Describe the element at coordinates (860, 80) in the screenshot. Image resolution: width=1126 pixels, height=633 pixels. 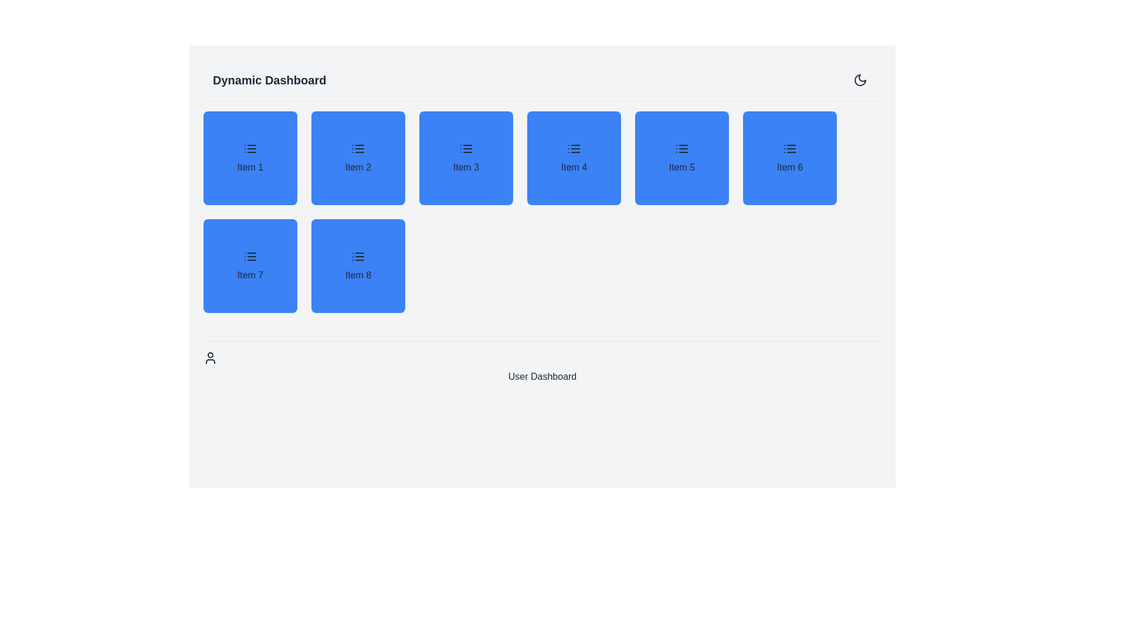
I see `the crescent moon icon button located in the top-right corner of the interface` at that location.